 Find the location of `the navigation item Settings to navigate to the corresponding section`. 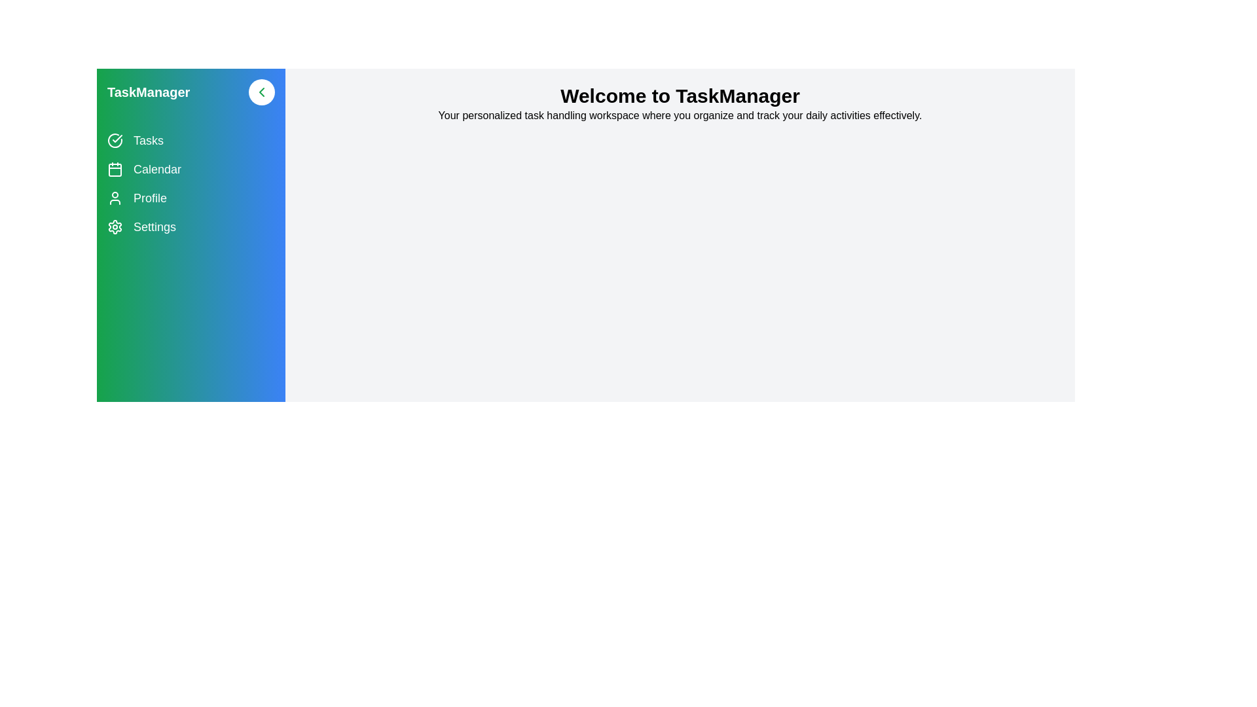

the navigation item Settings to navigate to the corresponding section is located at coordinates (191, 227).